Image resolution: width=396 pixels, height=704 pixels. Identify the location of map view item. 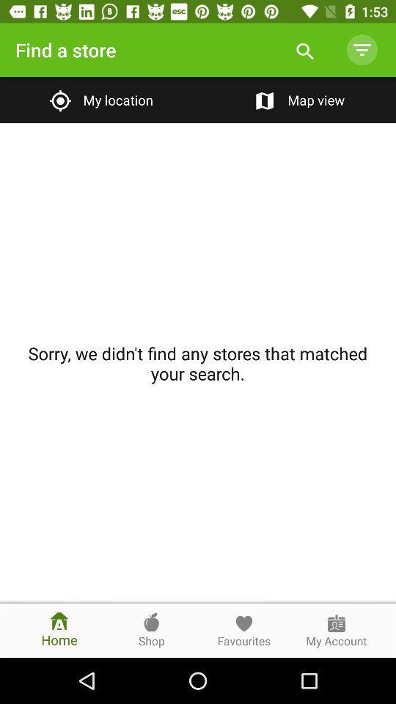
(297, 99).